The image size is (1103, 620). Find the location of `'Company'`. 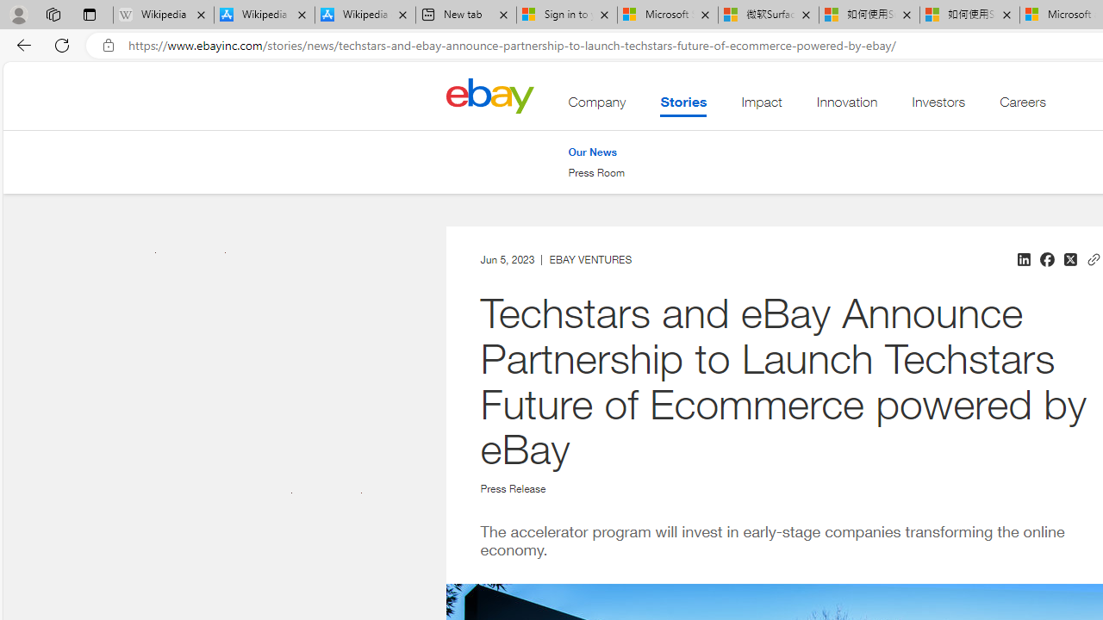

'Company' is located at coordinates (597, 106).